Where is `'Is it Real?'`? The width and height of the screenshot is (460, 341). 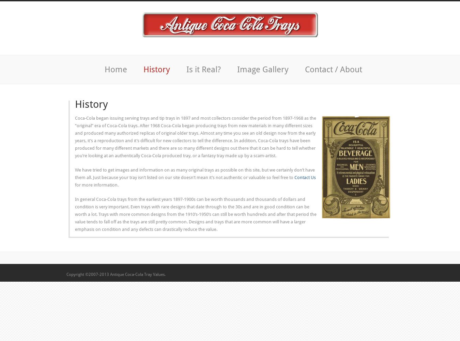
'Is it Real?' is located at coordinates (203, 69).